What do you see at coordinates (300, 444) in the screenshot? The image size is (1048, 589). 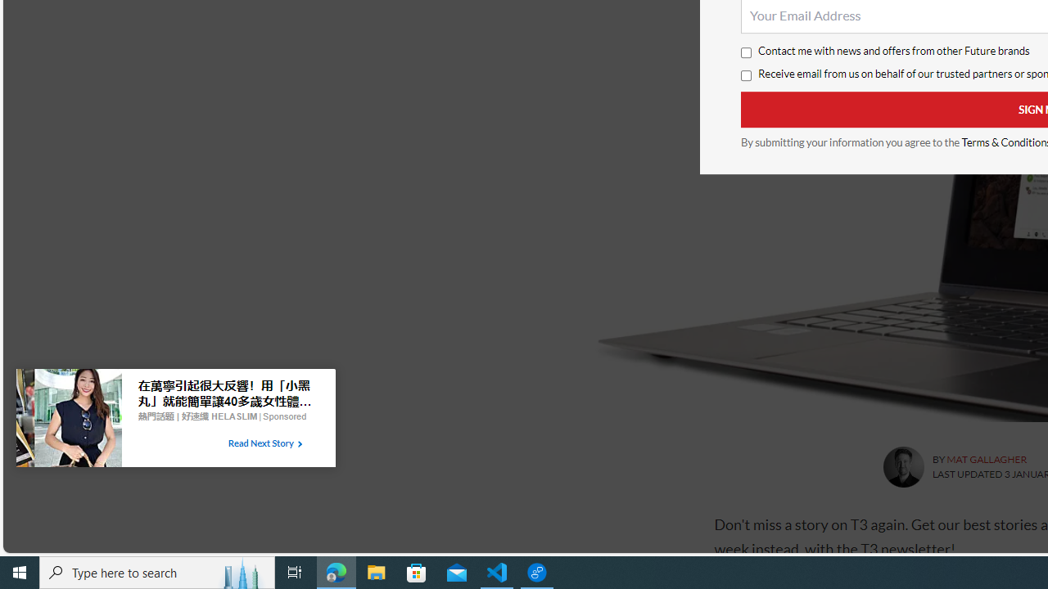 I see `'Class: tbl-arrow-icon arrow-1'` at bounding box center [300, 444].